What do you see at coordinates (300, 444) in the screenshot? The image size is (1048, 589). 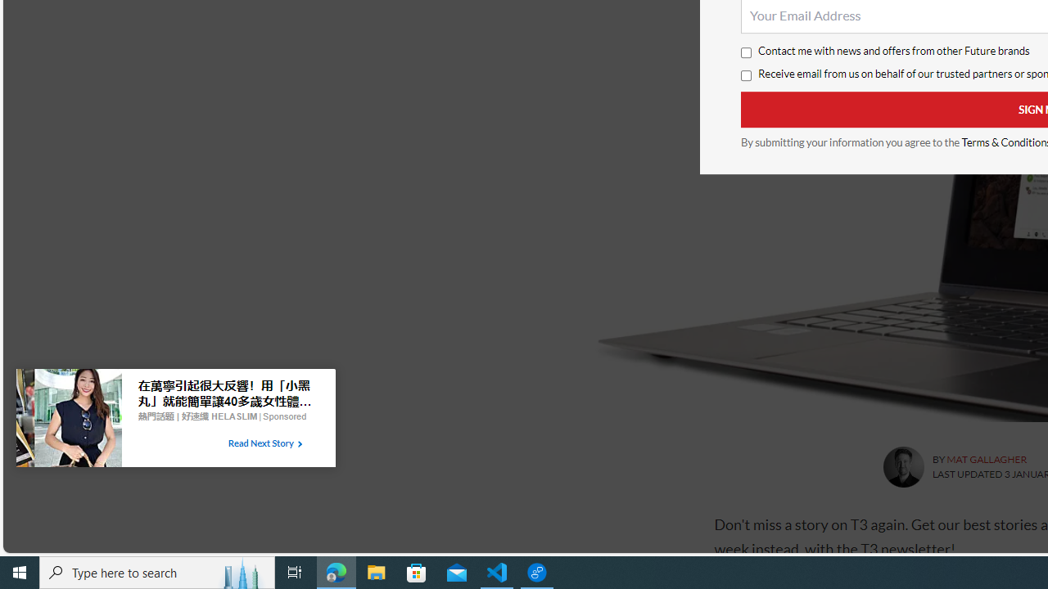 I see `'Class: tbl-arrow-icon arrow-1'` at bounding box center [300, 444].